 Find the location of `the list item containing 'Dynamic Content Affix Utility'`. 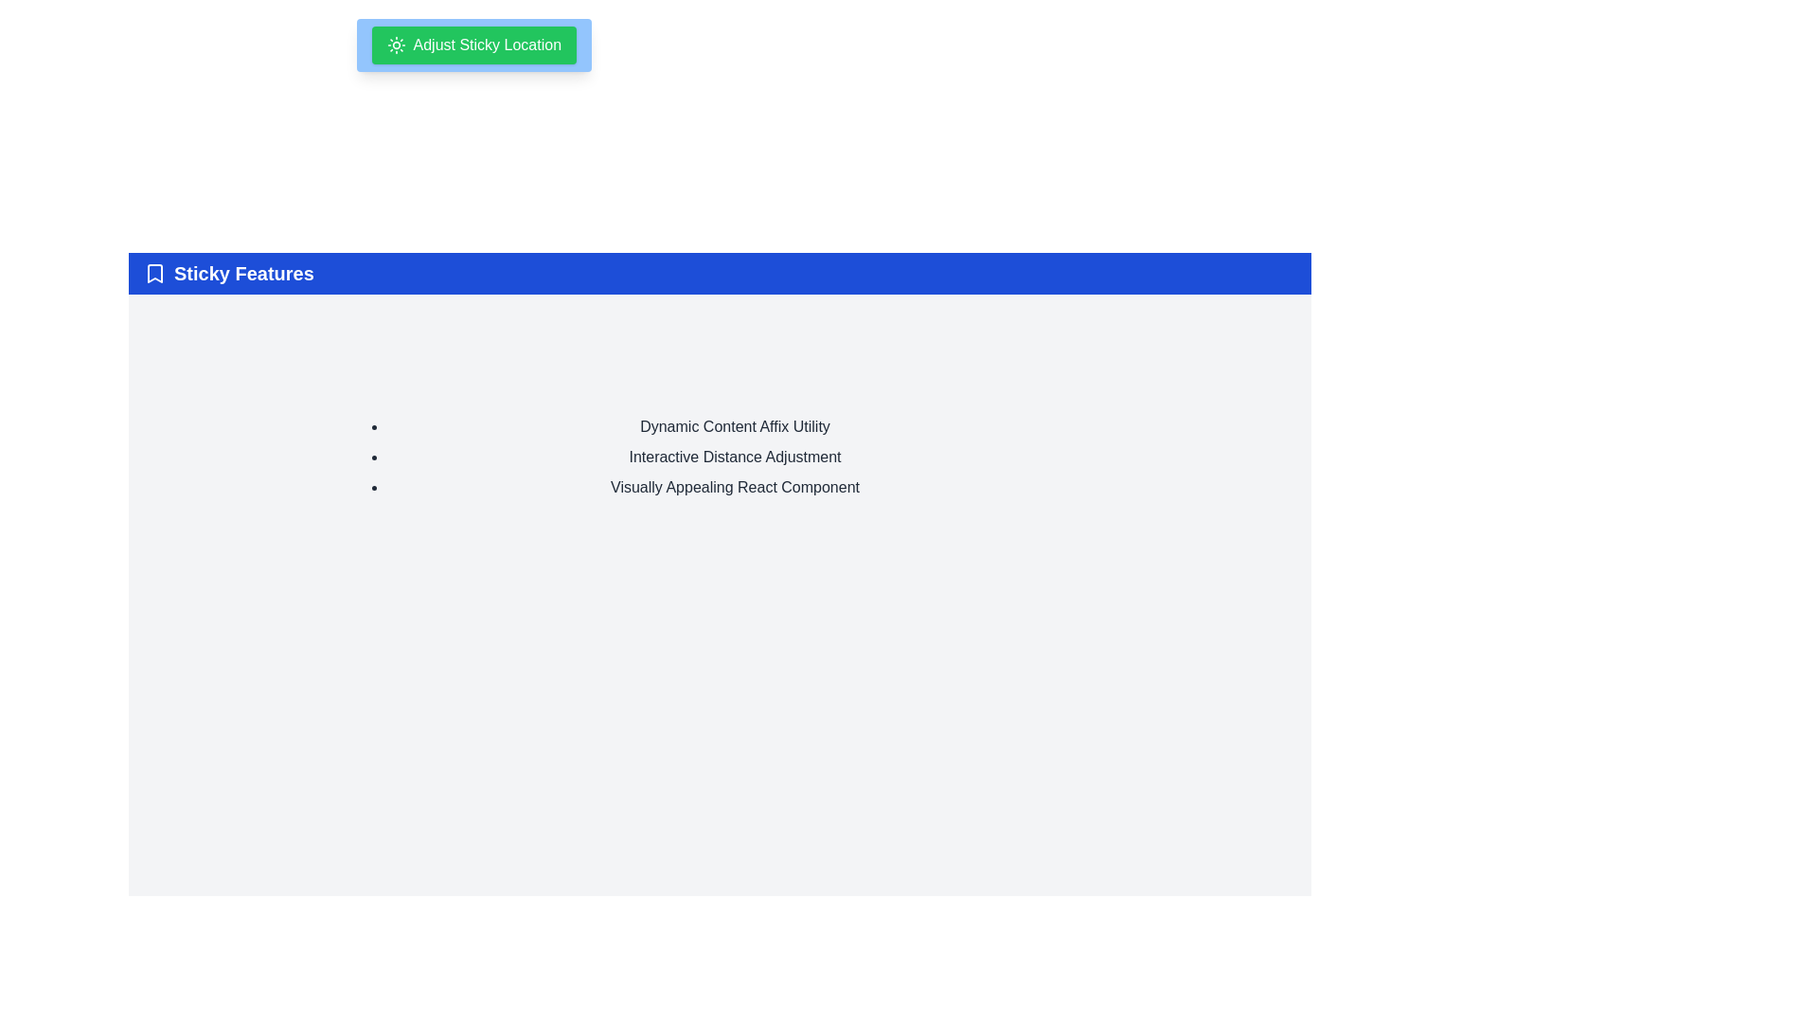

the list item containing 'Dynamic Content Affix Utility' is located at coordinates (734, 427).